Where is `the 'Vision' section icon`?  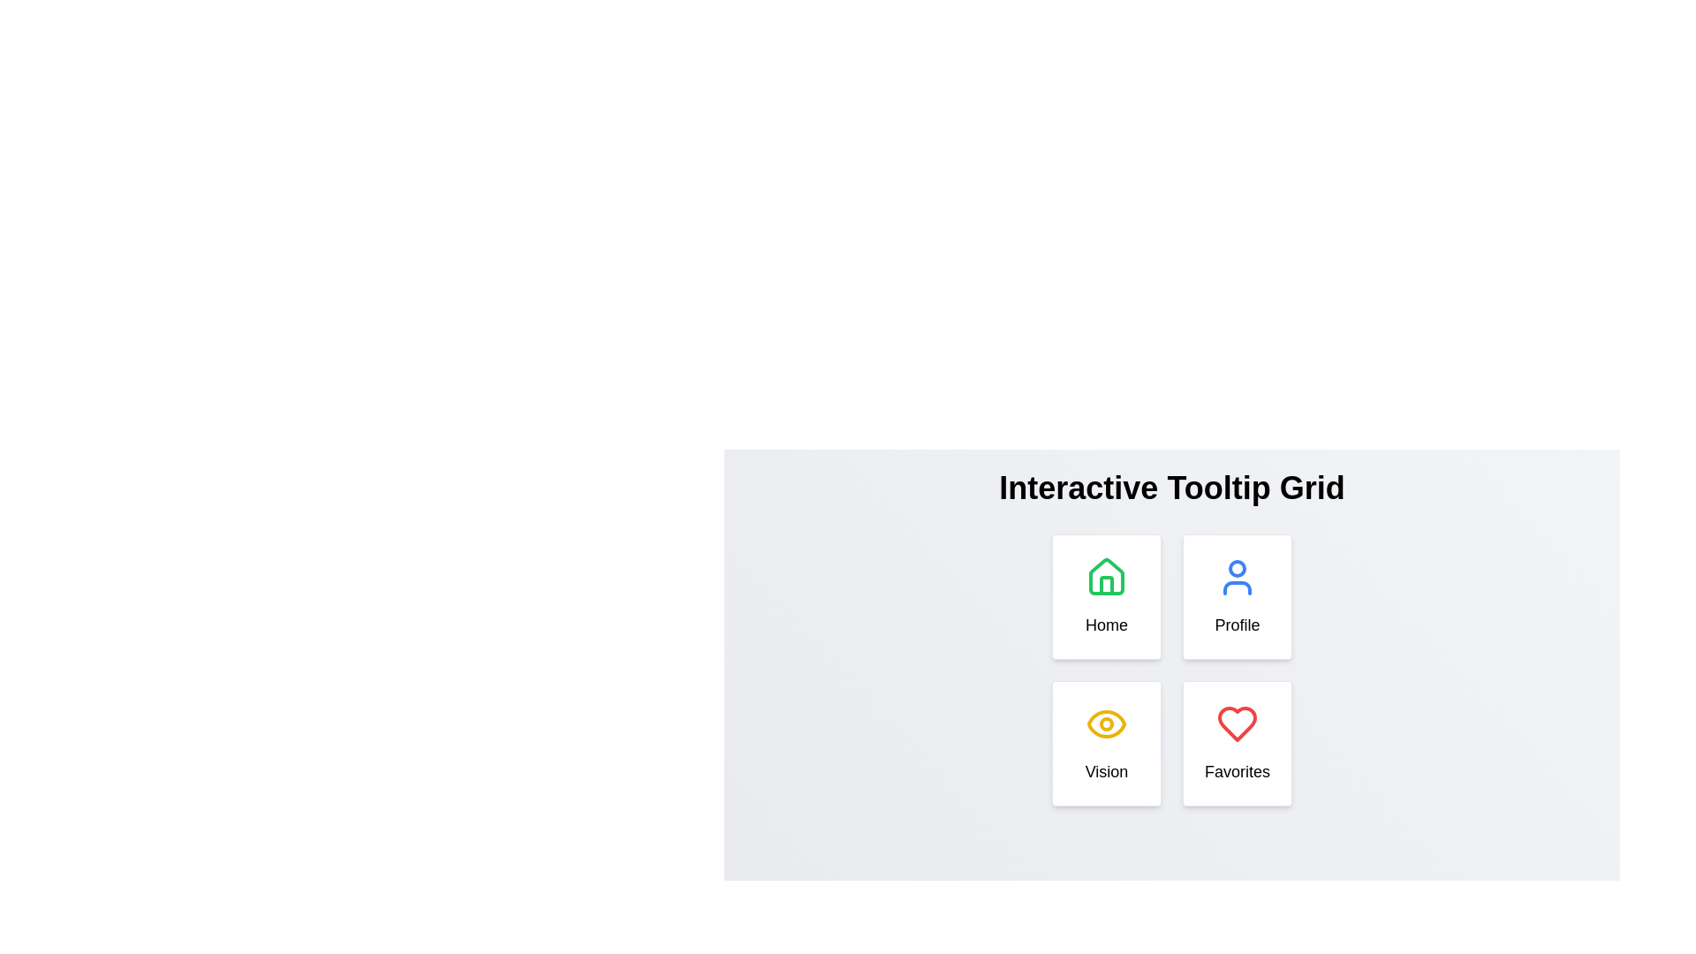
the 'Vision' section icon is located at coordinates (1105, 724).